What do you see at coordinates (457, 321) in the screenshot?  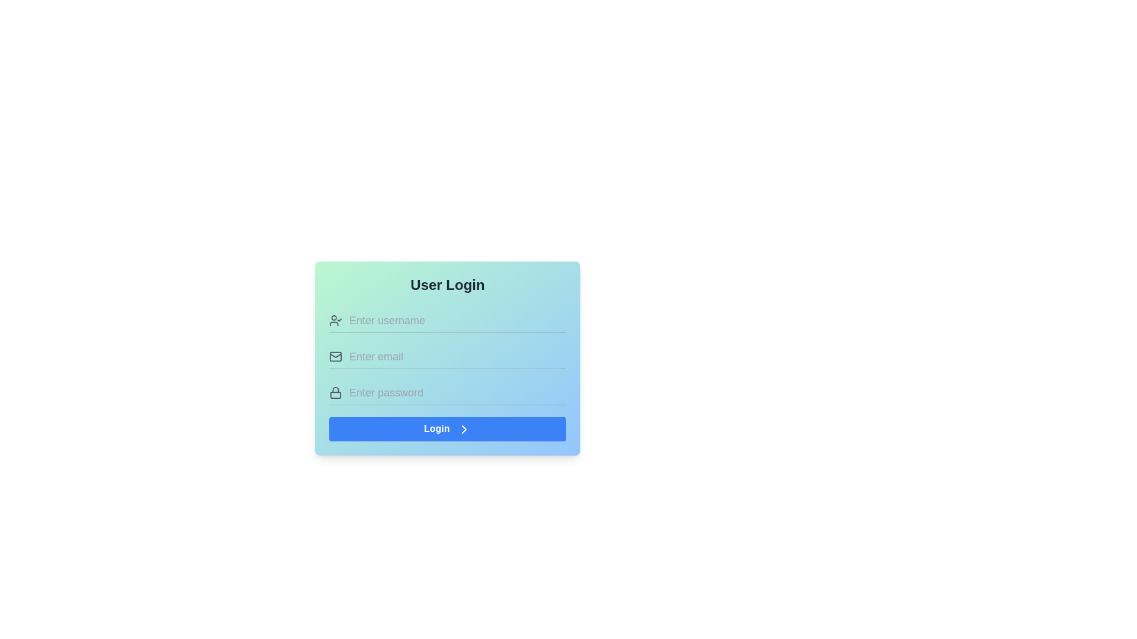 I see `the Text Input Field with a transparent background and gray border, which has the placeholder 'Enter username'` at bounding box center [457, 321].